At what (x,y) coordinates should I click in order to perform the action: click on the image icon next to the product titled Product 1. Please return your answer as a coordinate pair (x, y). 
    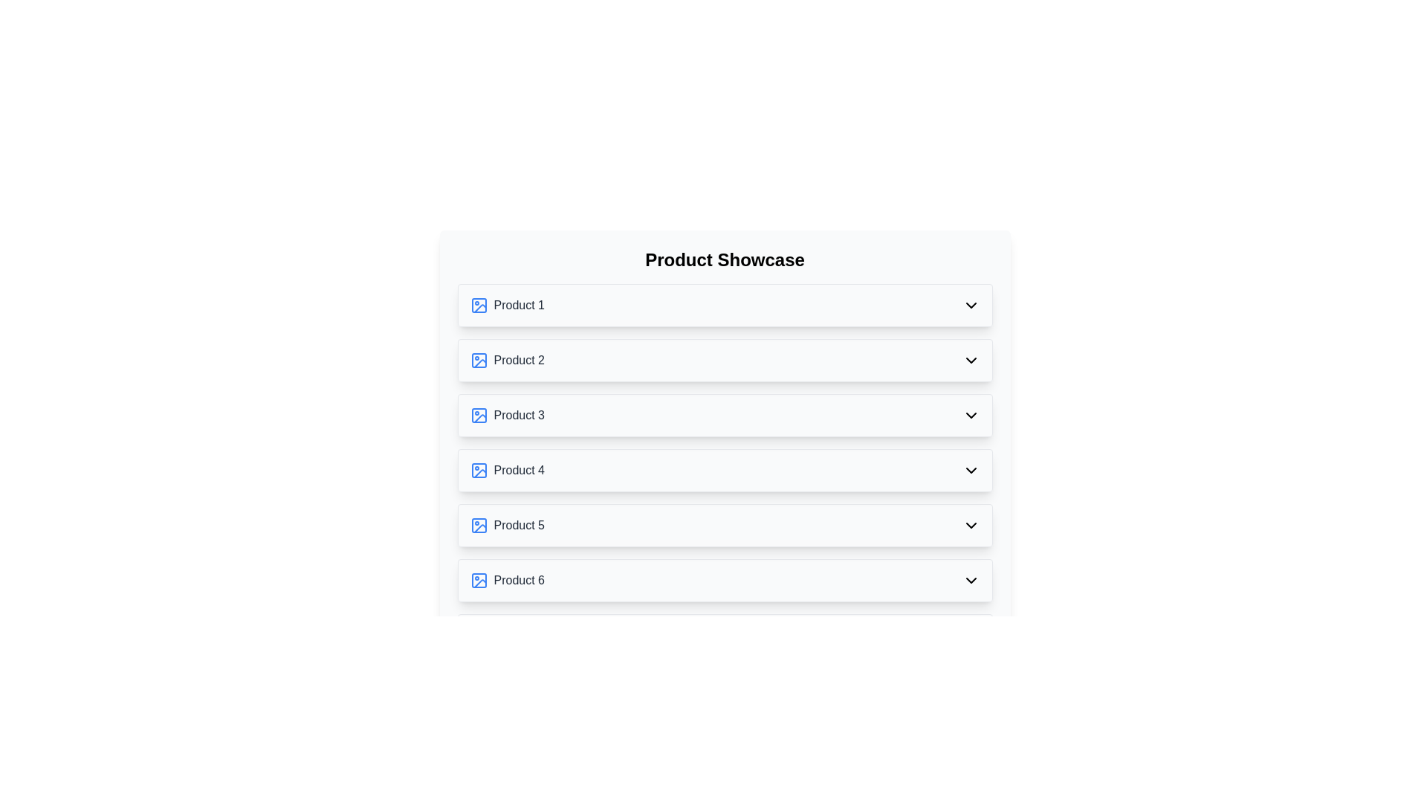
    Looking at the image, I should click on (479, 305).